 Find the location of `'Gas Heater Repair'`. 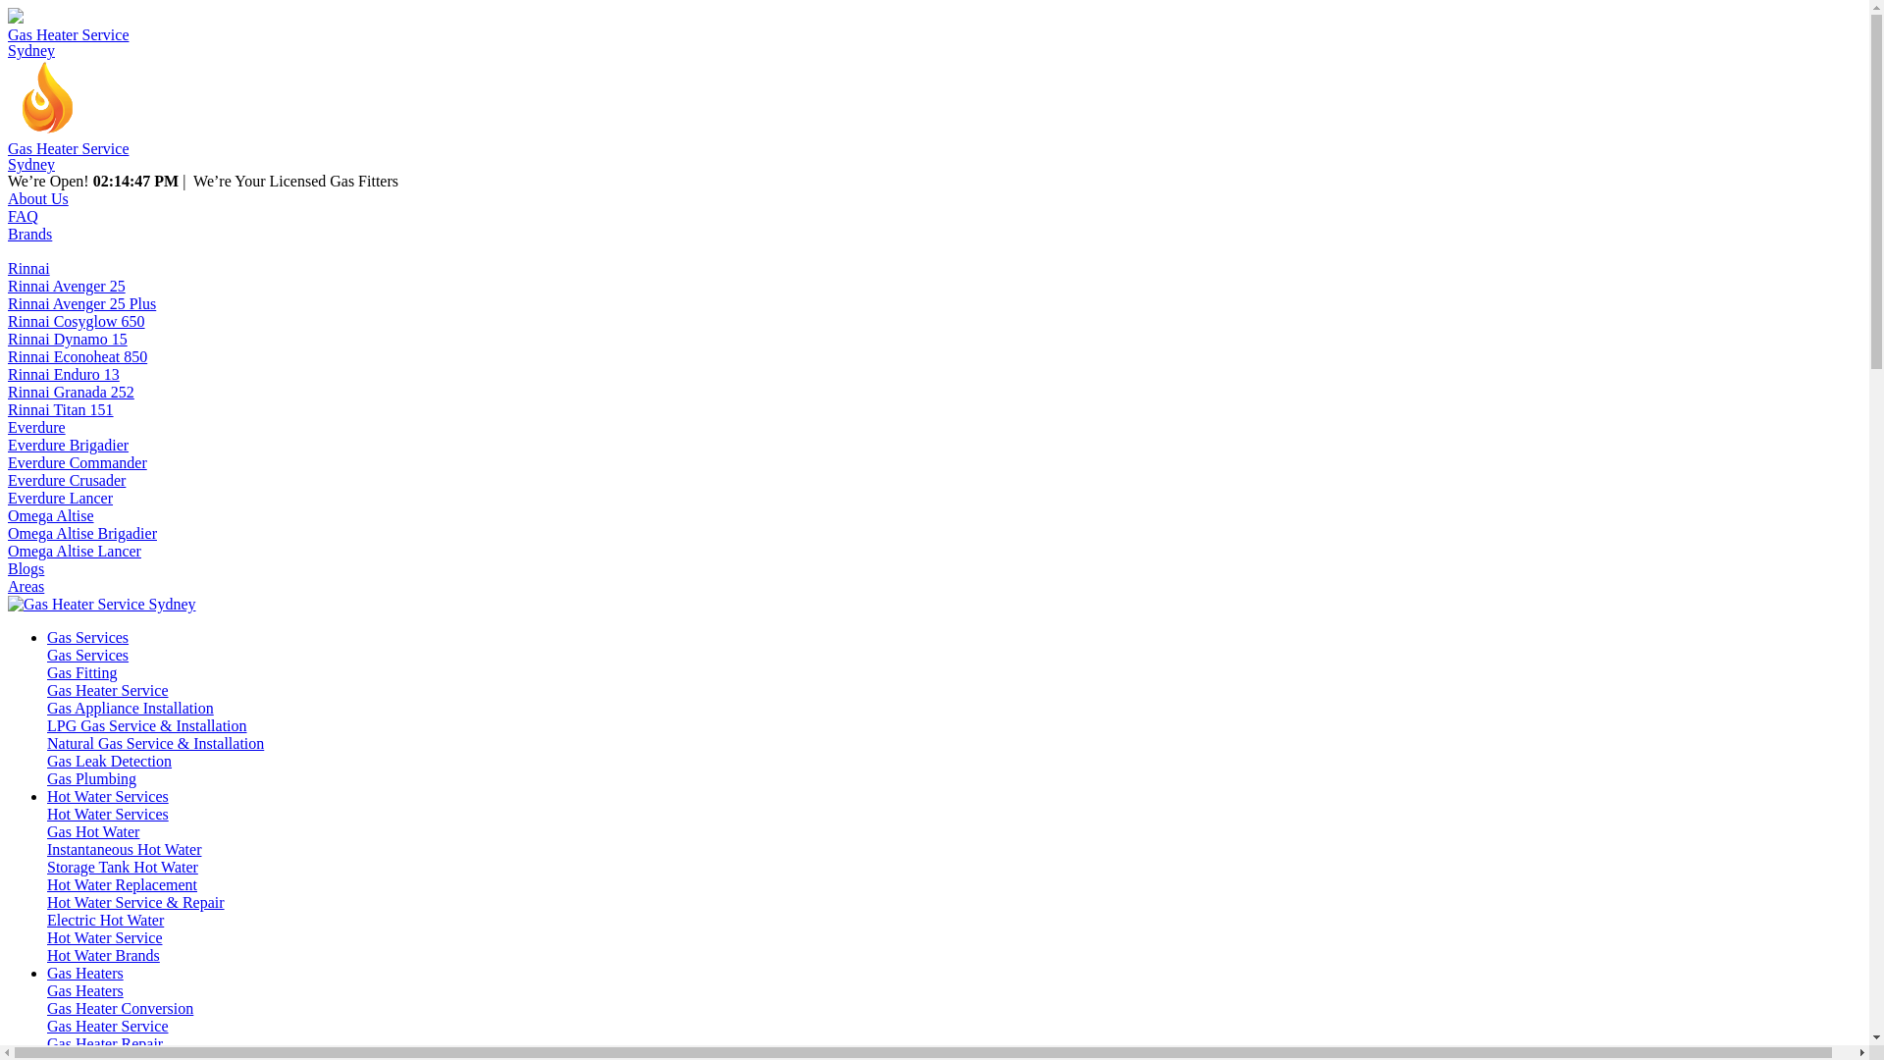

'Gas Heater Repair' is located at coordinates (47, 1042).